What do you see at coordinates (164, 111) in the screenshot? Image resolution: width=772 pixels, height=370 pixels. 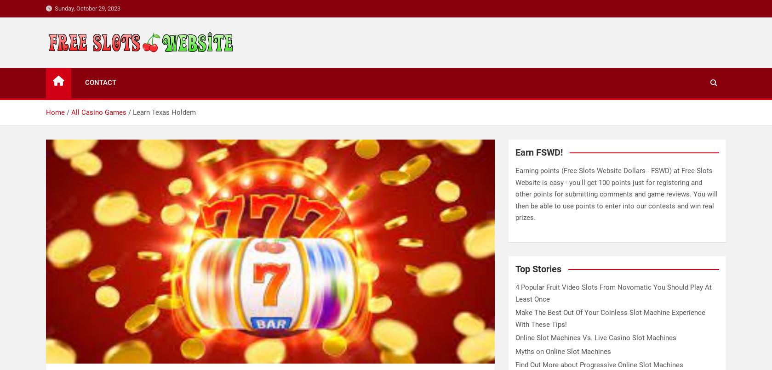 I see `'Learn Texas Holdem'` at bounding box center [164, 111].